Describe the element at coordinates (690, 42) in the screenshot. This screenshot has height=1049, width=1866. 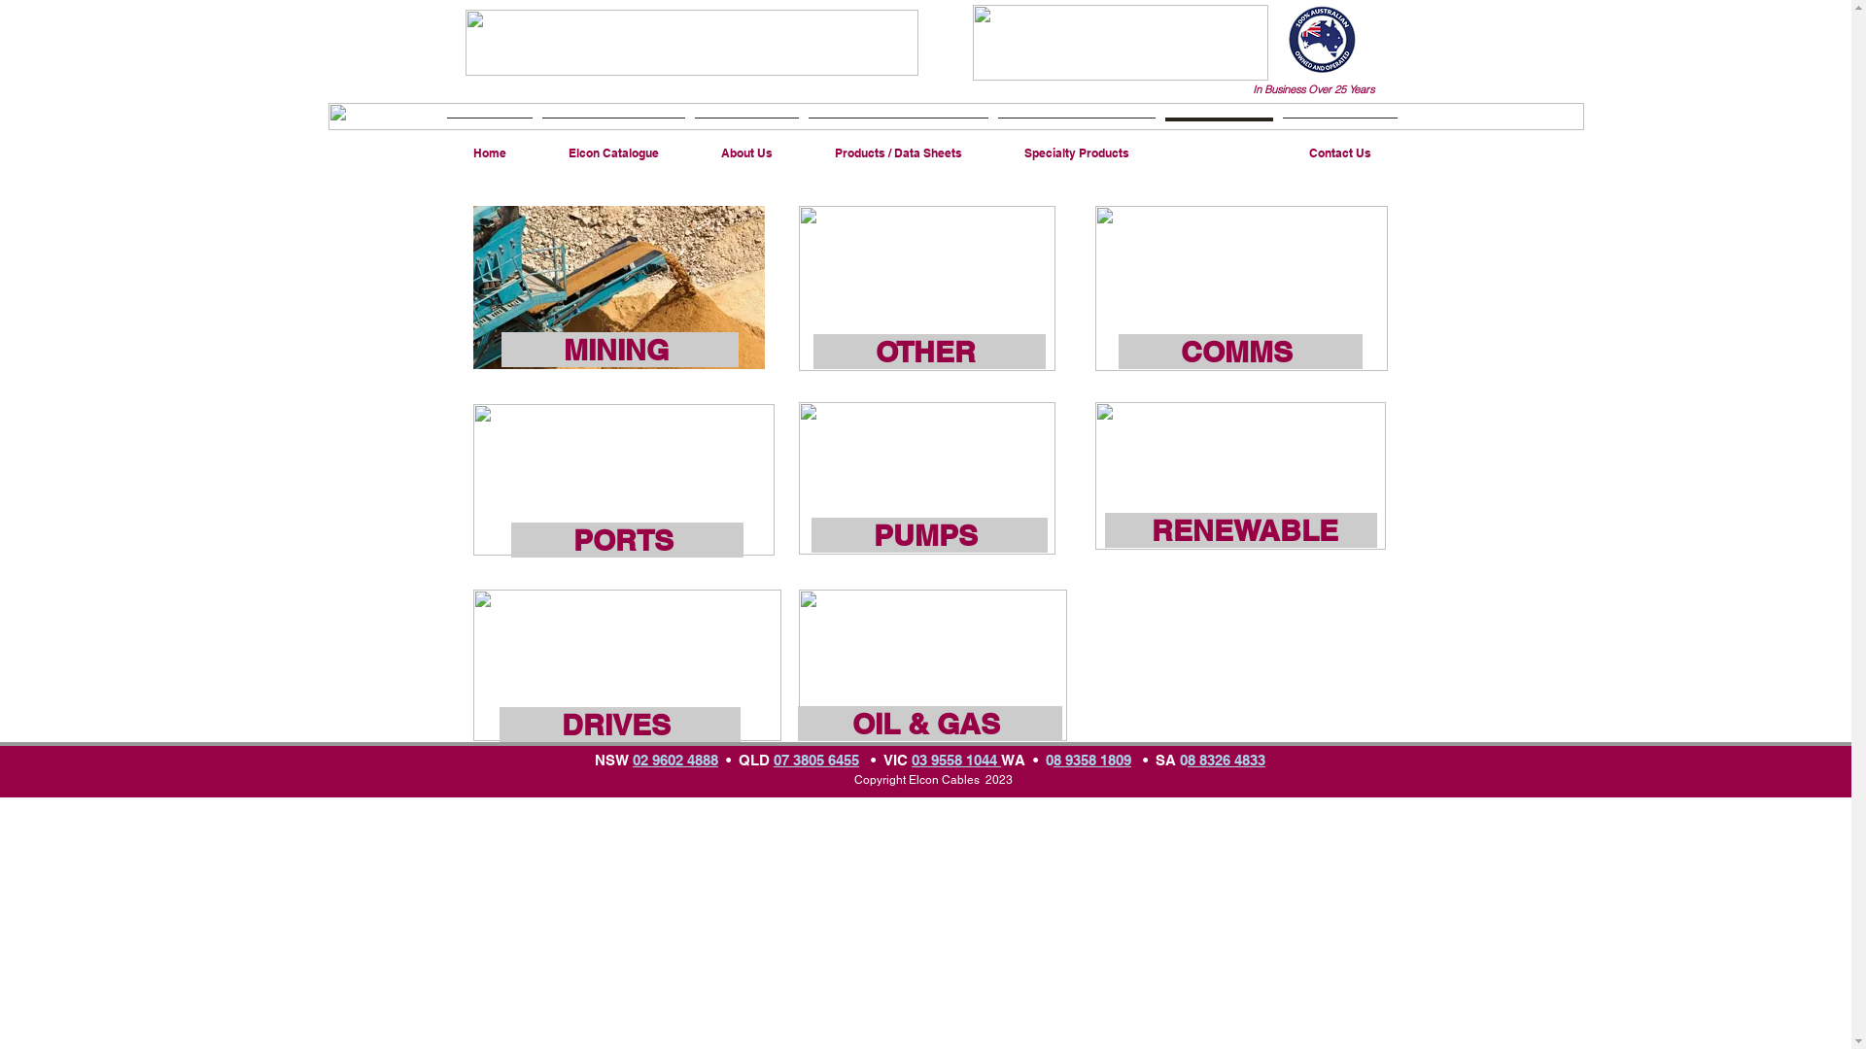
I see `'Elcon Logo.png'` at that location.